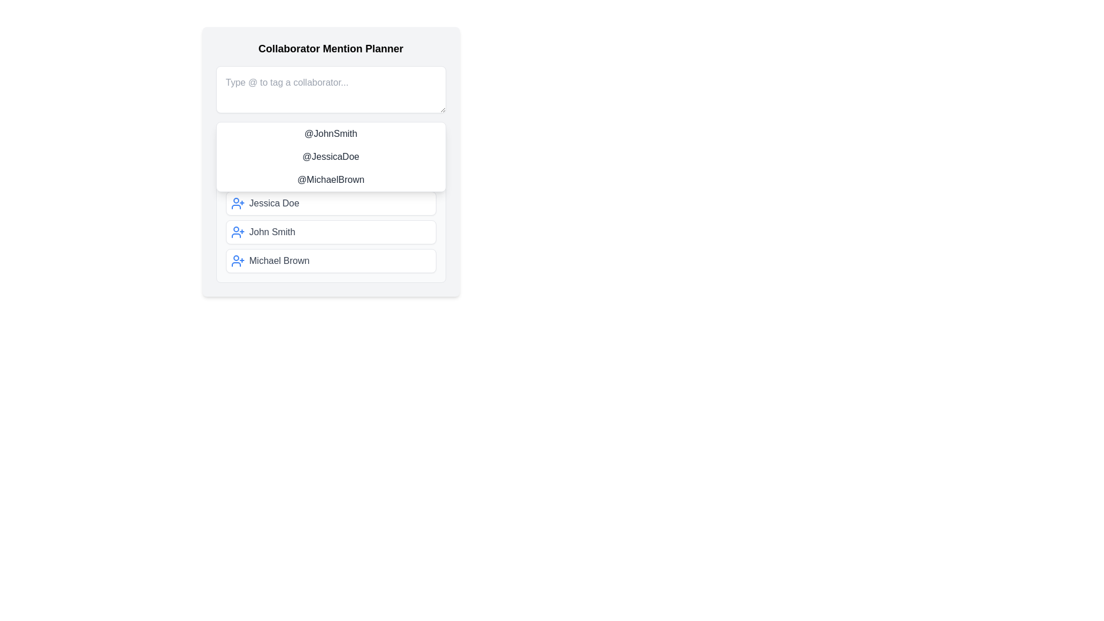  Describe the element at coordinates (237, 232) in the screenshot. I see `on the icon located` at that location.